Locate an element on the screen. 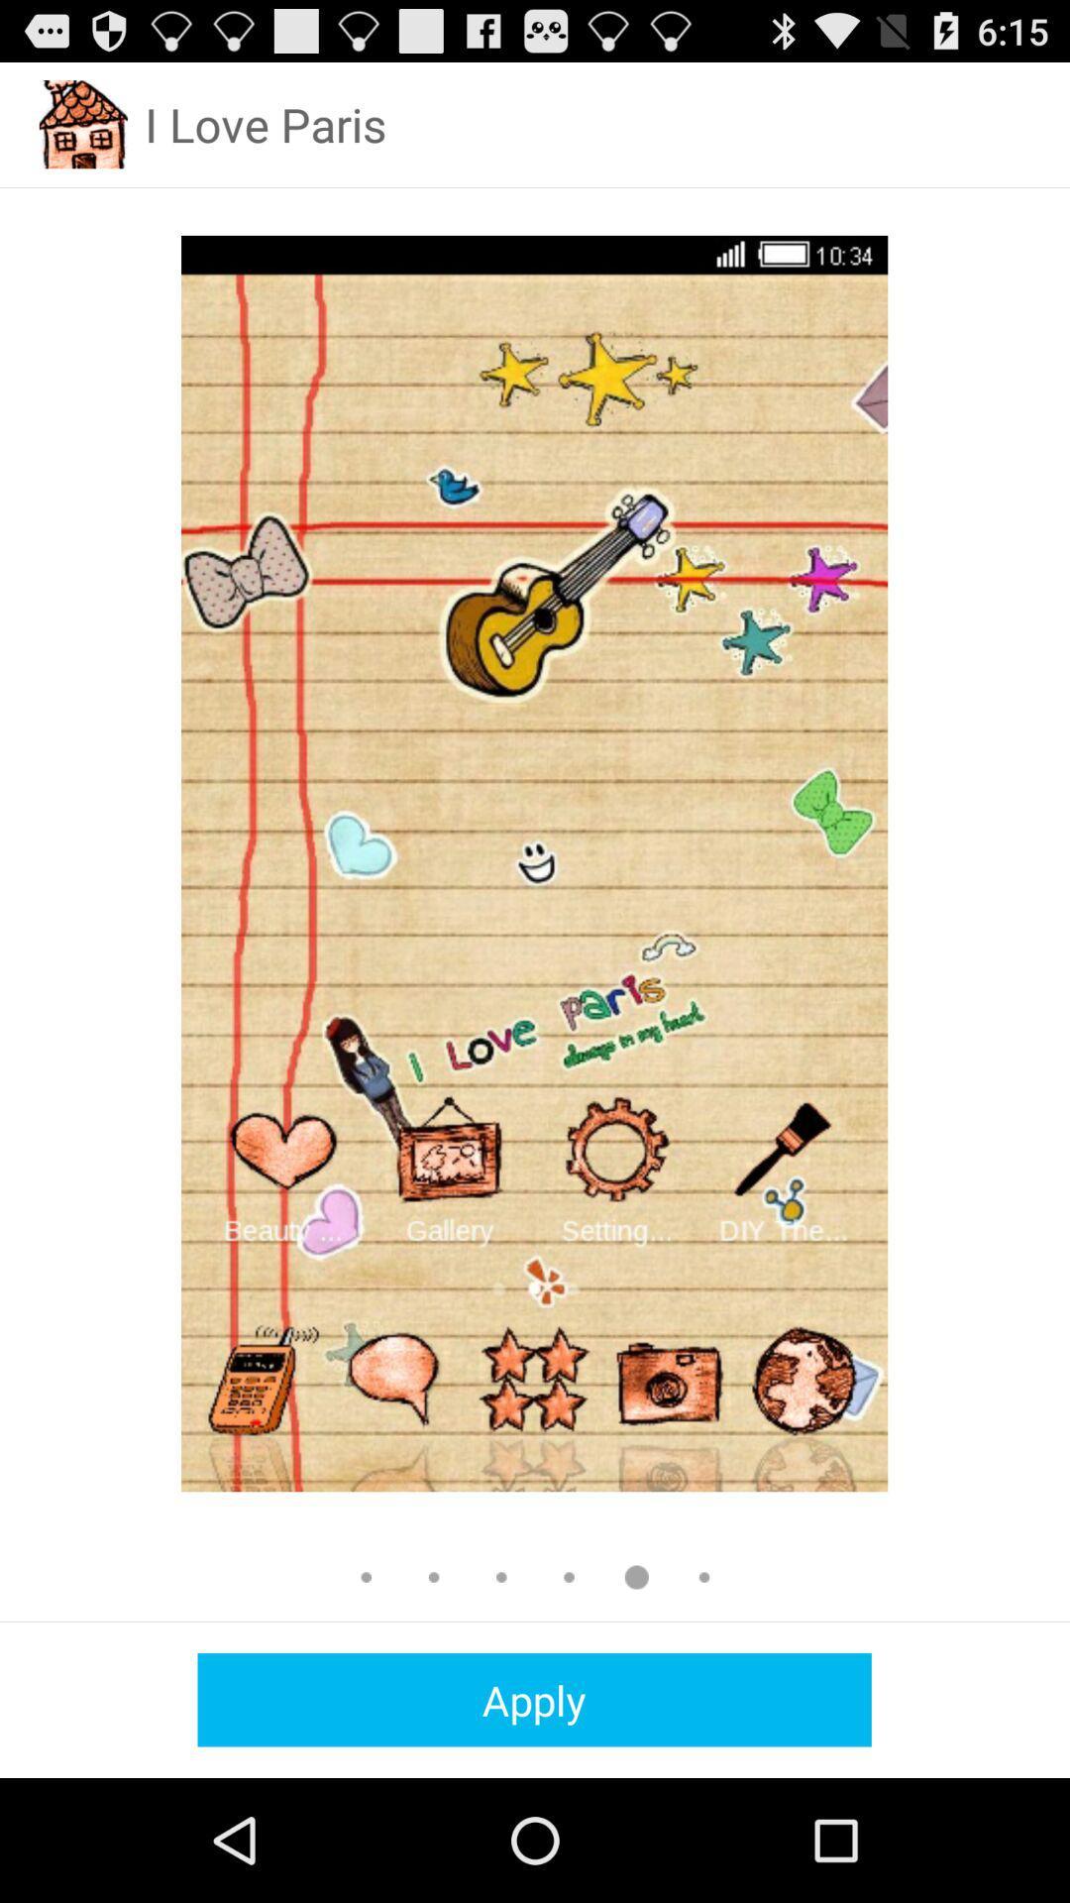 Image resolution: width=1070 pixels, height=1903 pixels. apply is located at coordinates (533, 1699).